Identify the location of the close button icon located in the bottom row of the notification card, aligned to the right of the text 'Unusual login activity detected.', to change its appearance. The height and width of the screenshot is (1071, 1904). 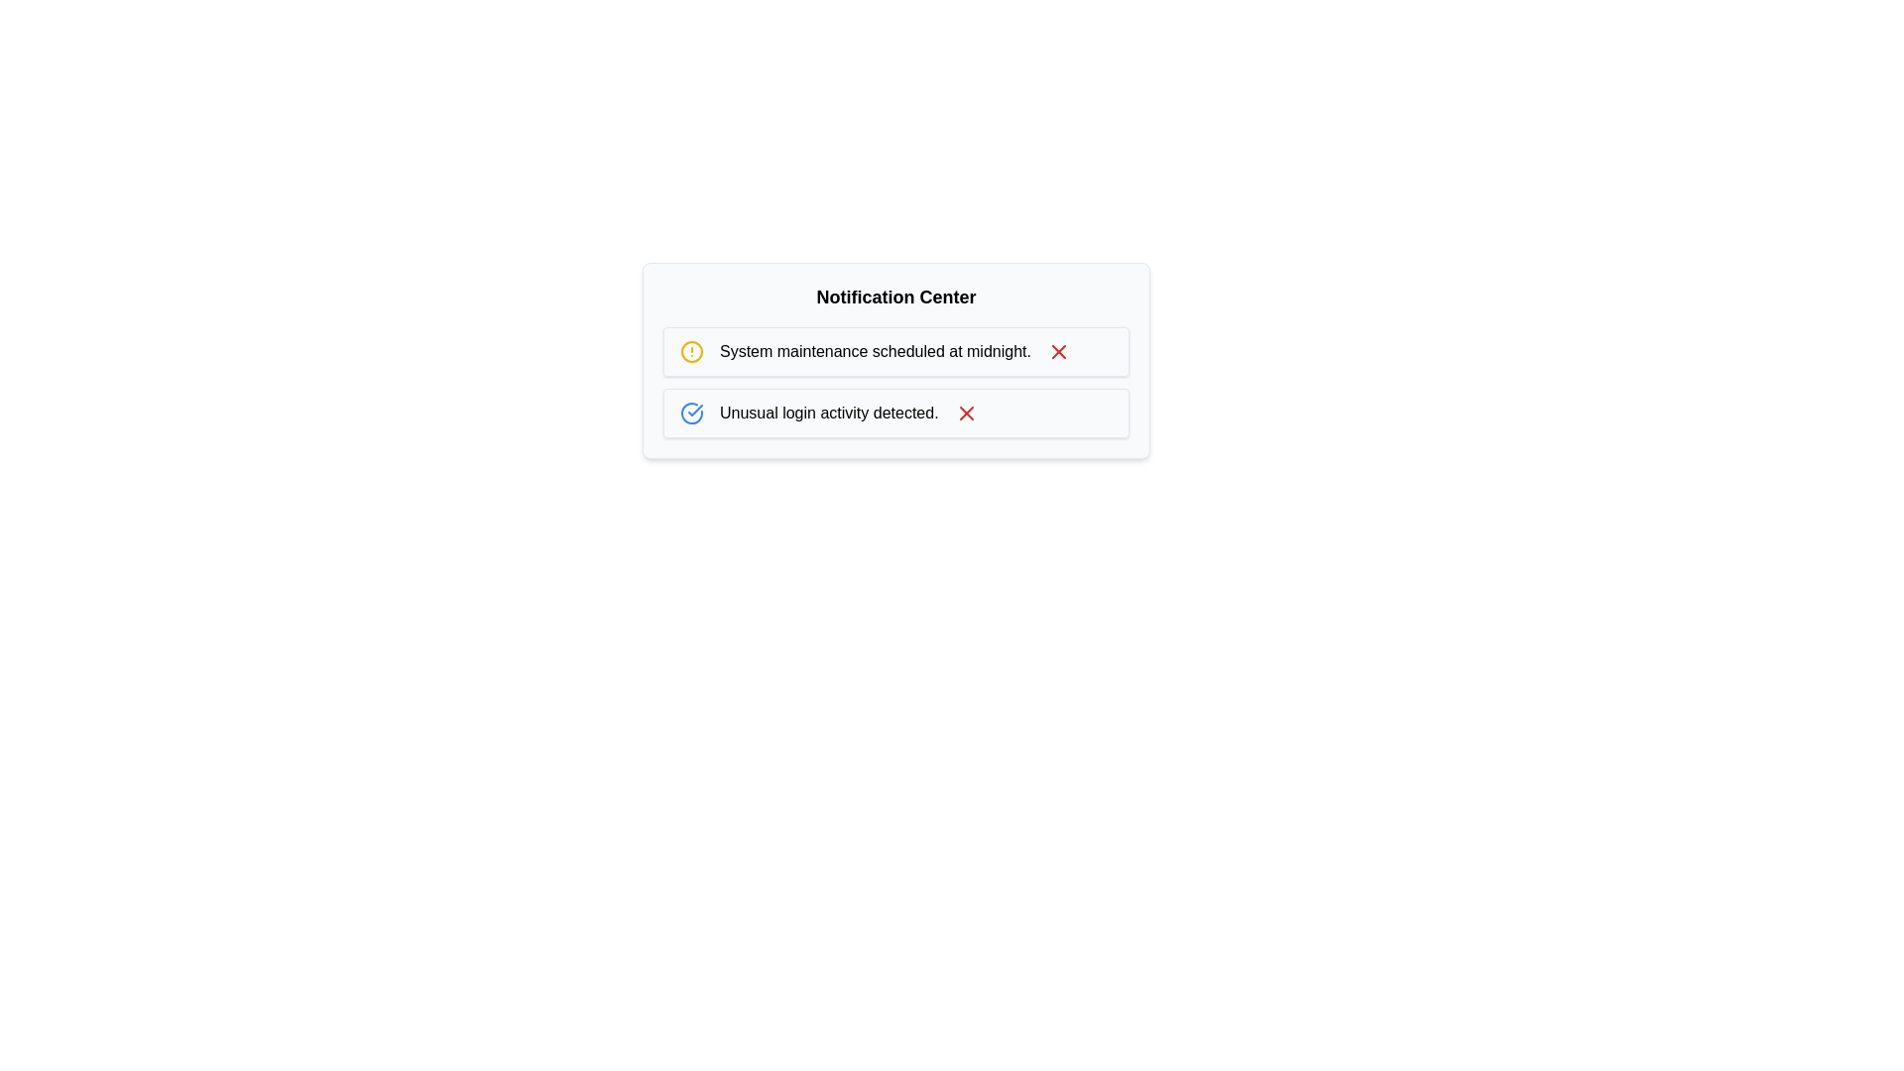
(966, 412).